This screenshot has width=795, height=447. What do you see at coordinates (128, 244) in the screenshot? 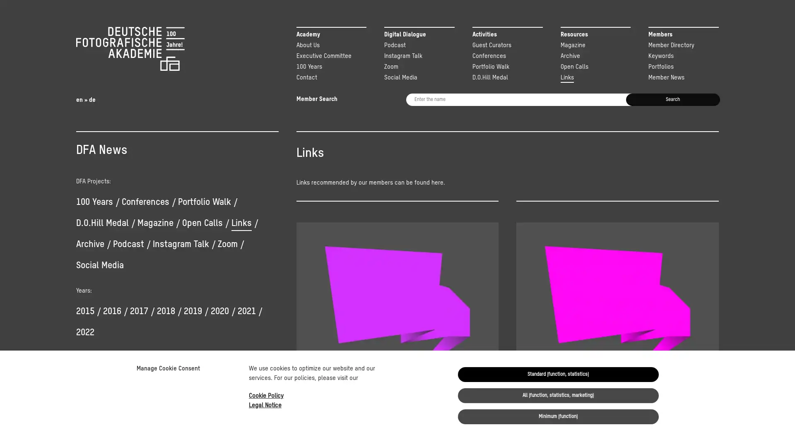
I see `Podcast` at bounding box center [128, 244].